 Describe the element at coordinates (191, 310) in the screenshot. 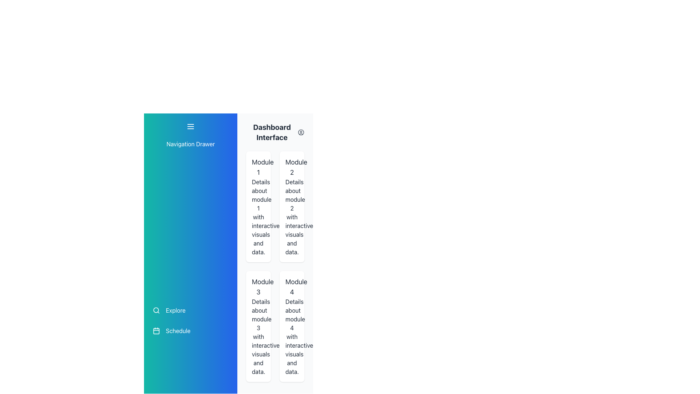

I see `the navigation menu item labeled 'Explore'` at that location.